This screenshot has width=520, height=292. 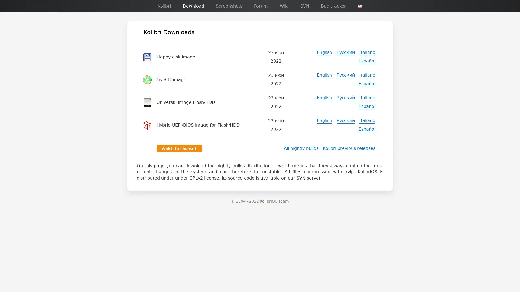 What do you see at coordinates (179, 148) in the screenshot?
I see `Which to choose?` at bounding box center [179, 148].